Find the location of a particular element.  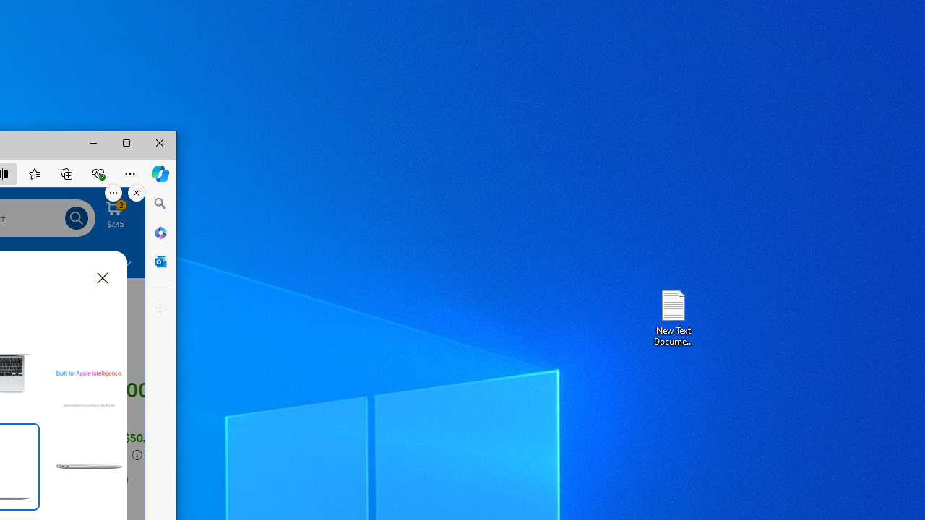

'Maximize' is located at coordinates (126, 143).